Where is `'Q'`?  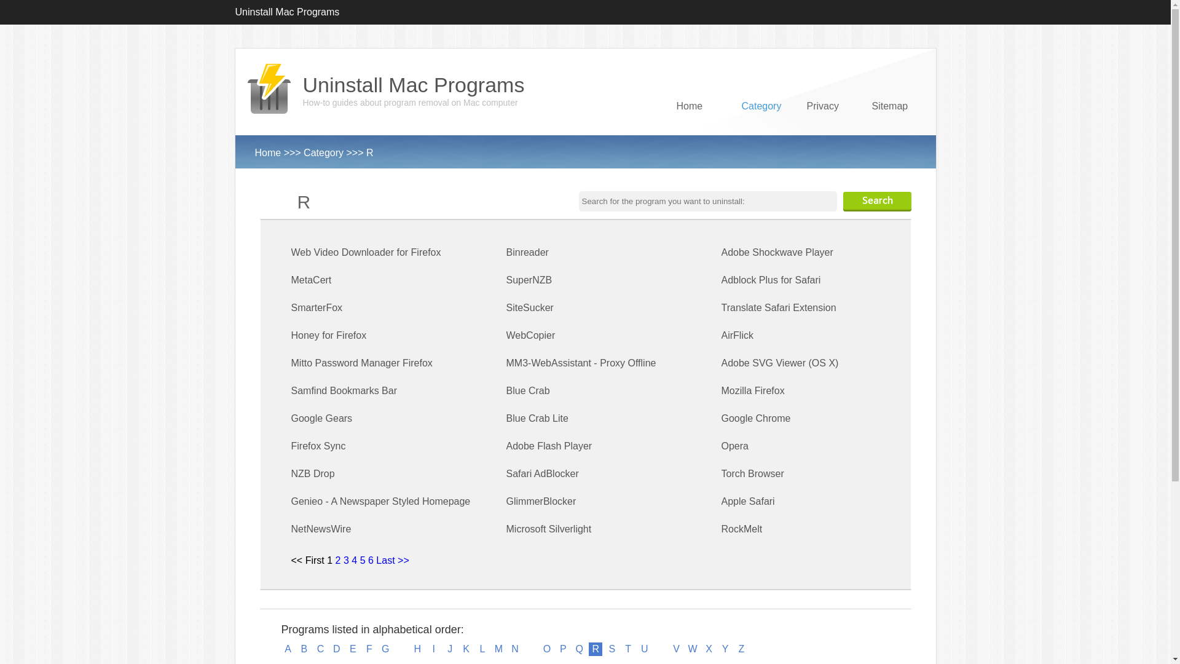
'Q' is located at coordinates (578, 649).